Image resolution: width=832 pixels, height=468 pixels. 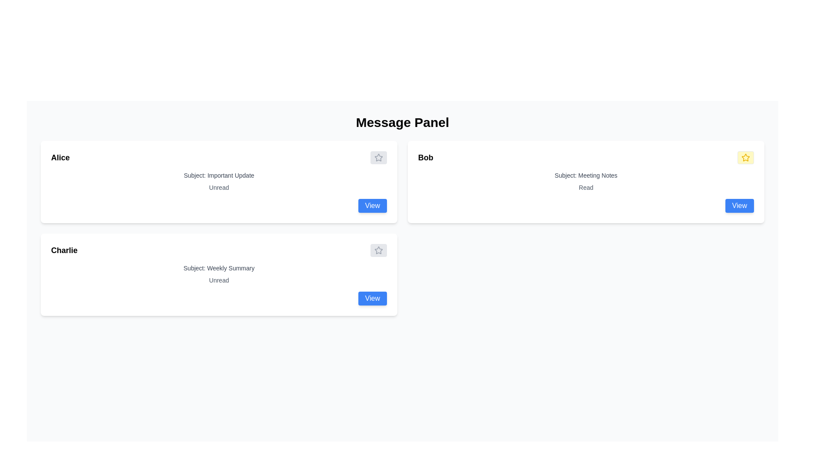 What do you see at coordinates (219, 280) in the screenshot?
I see `the text label indicating that the message has not yet been read, which is located below the subject text 'Subject: Weekly Summary' and above the 'View' action button` at bounding box center [219, 280].